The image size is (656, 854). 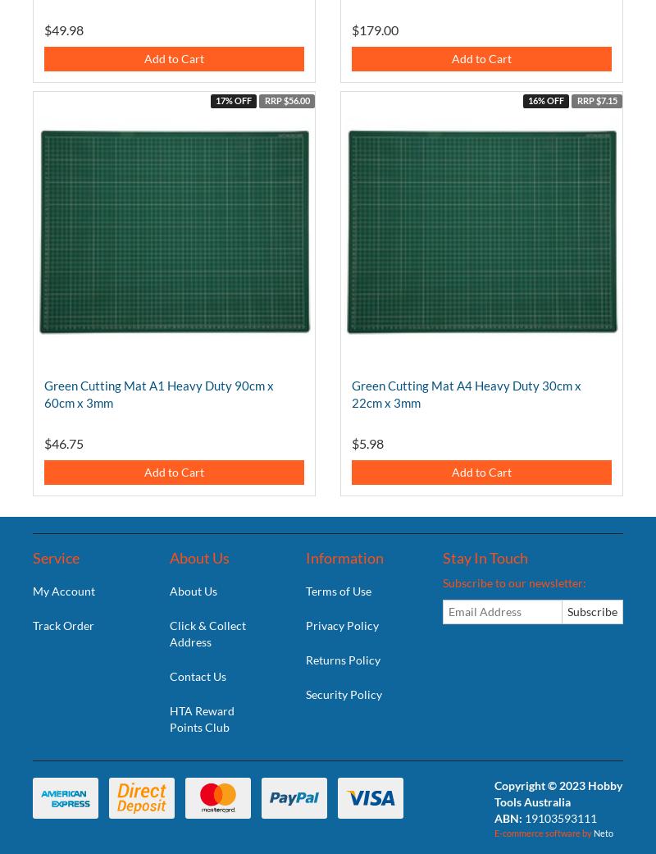 I want to click on '19103593111', so click(x=558, y=817).